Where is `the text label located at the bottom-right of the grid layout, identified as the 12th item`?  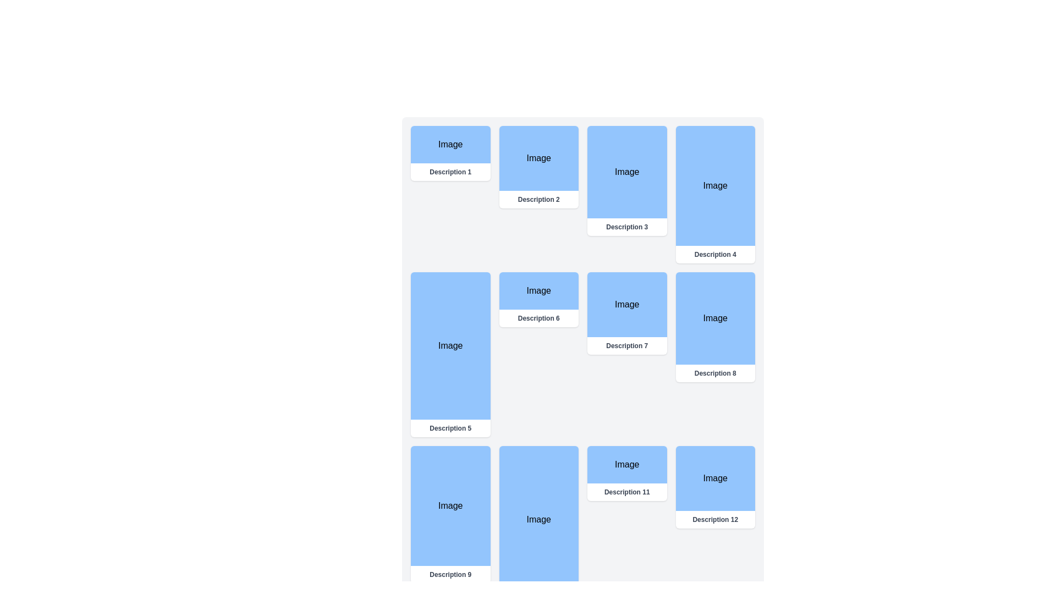
the text label located at the bottom-right of the grid layout, identified as the 12th item is located at coordinates (715, 520).